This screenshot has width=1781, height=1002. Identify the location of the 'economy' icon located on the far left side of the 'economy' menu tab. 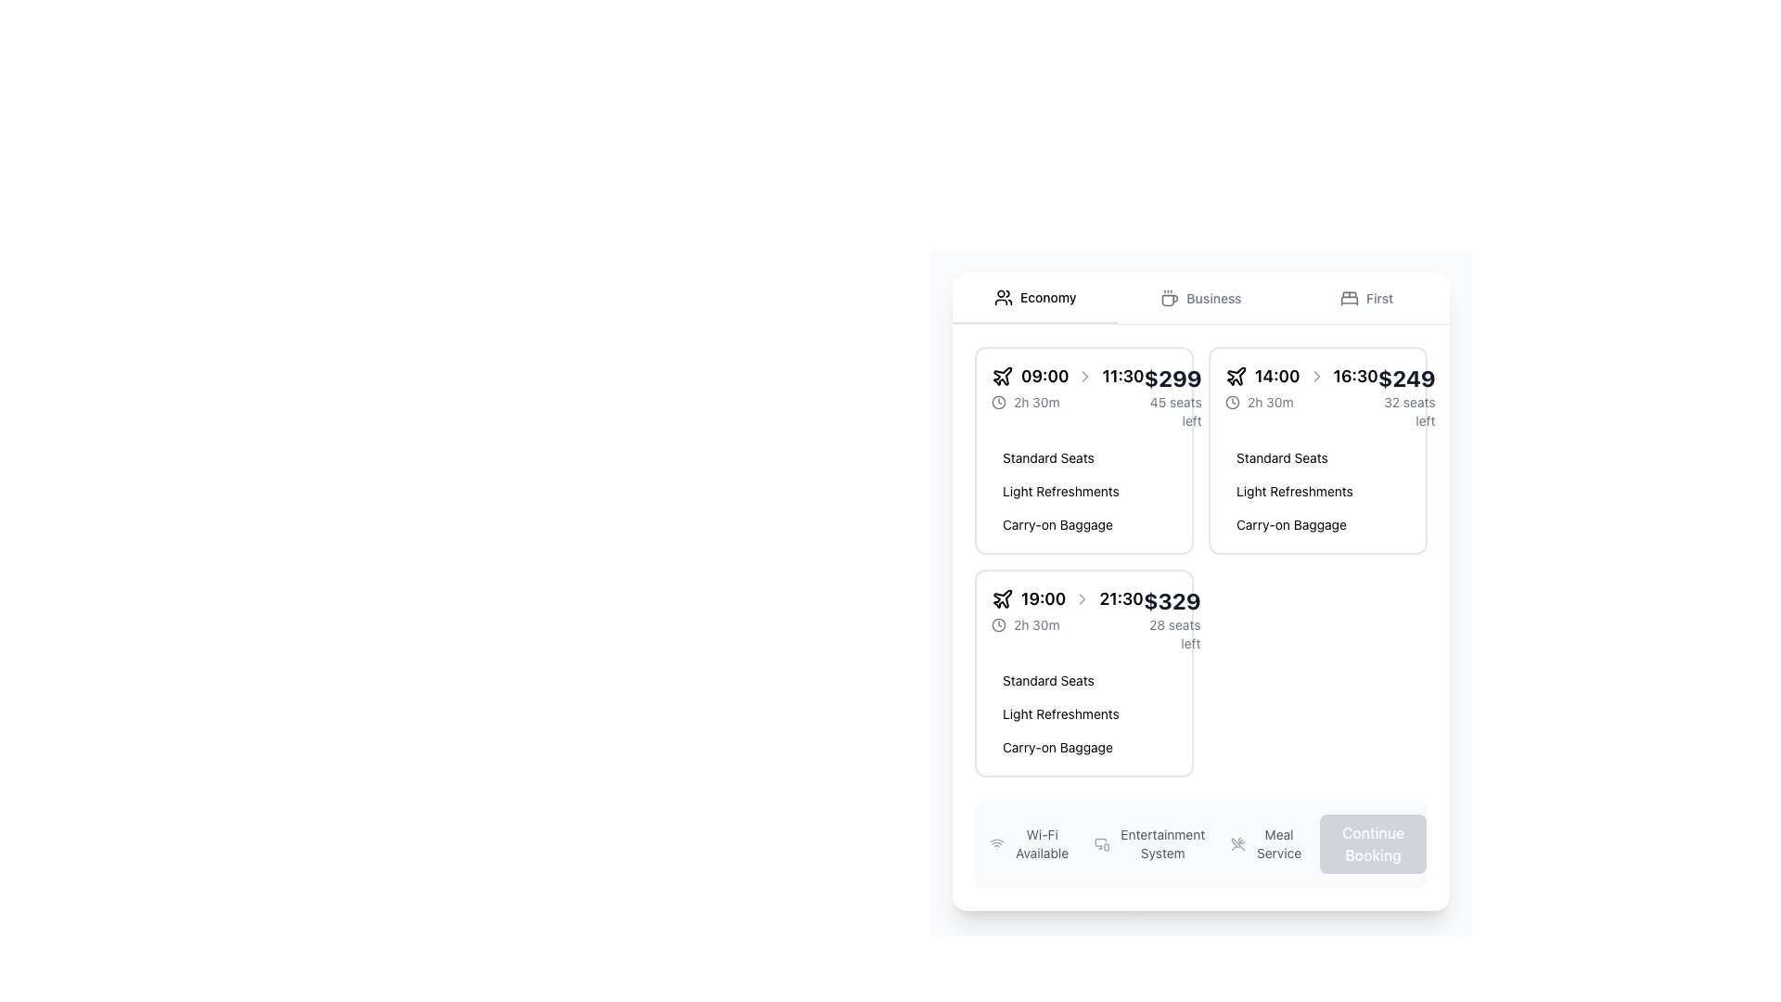
(1003, 296).